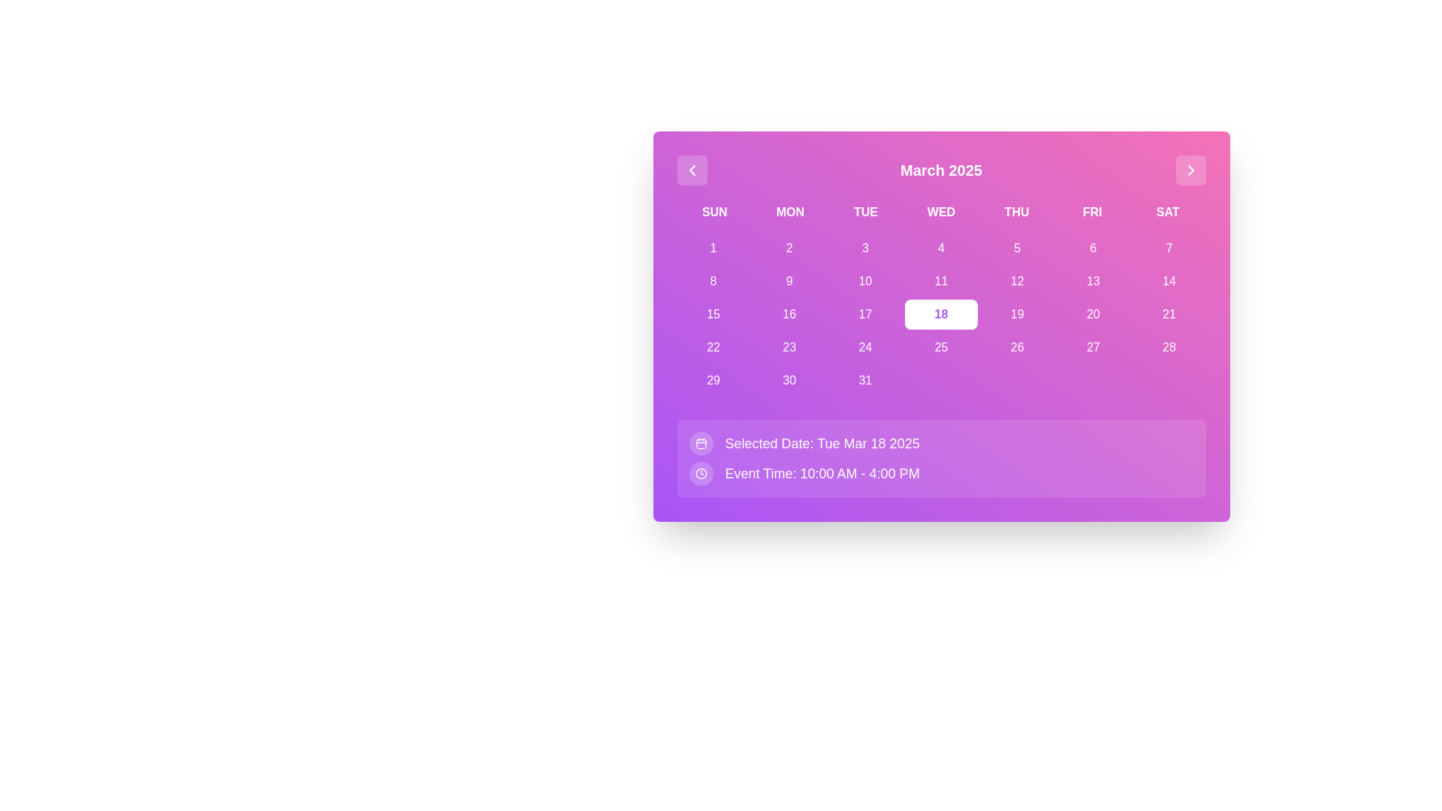 The width and height of the screenshot is (1442, 811). What do you see at coordinates (700, 474) in the screenshot?
I see `the filled circle decorative graphic element within the clock icon located in the lower section of the calendar interface, just above the 'Event Time: 10:00 AM - 4:00 PM' text` at bounding box center [700, 474].